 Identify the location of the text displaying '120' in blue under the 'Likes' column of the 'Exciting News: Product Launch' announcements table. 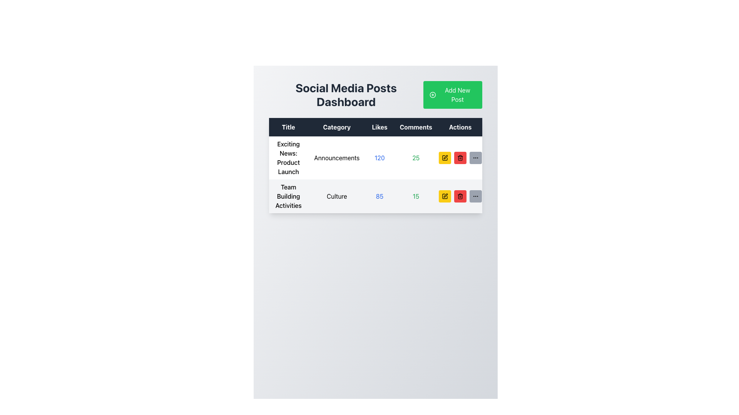
(380, 158).